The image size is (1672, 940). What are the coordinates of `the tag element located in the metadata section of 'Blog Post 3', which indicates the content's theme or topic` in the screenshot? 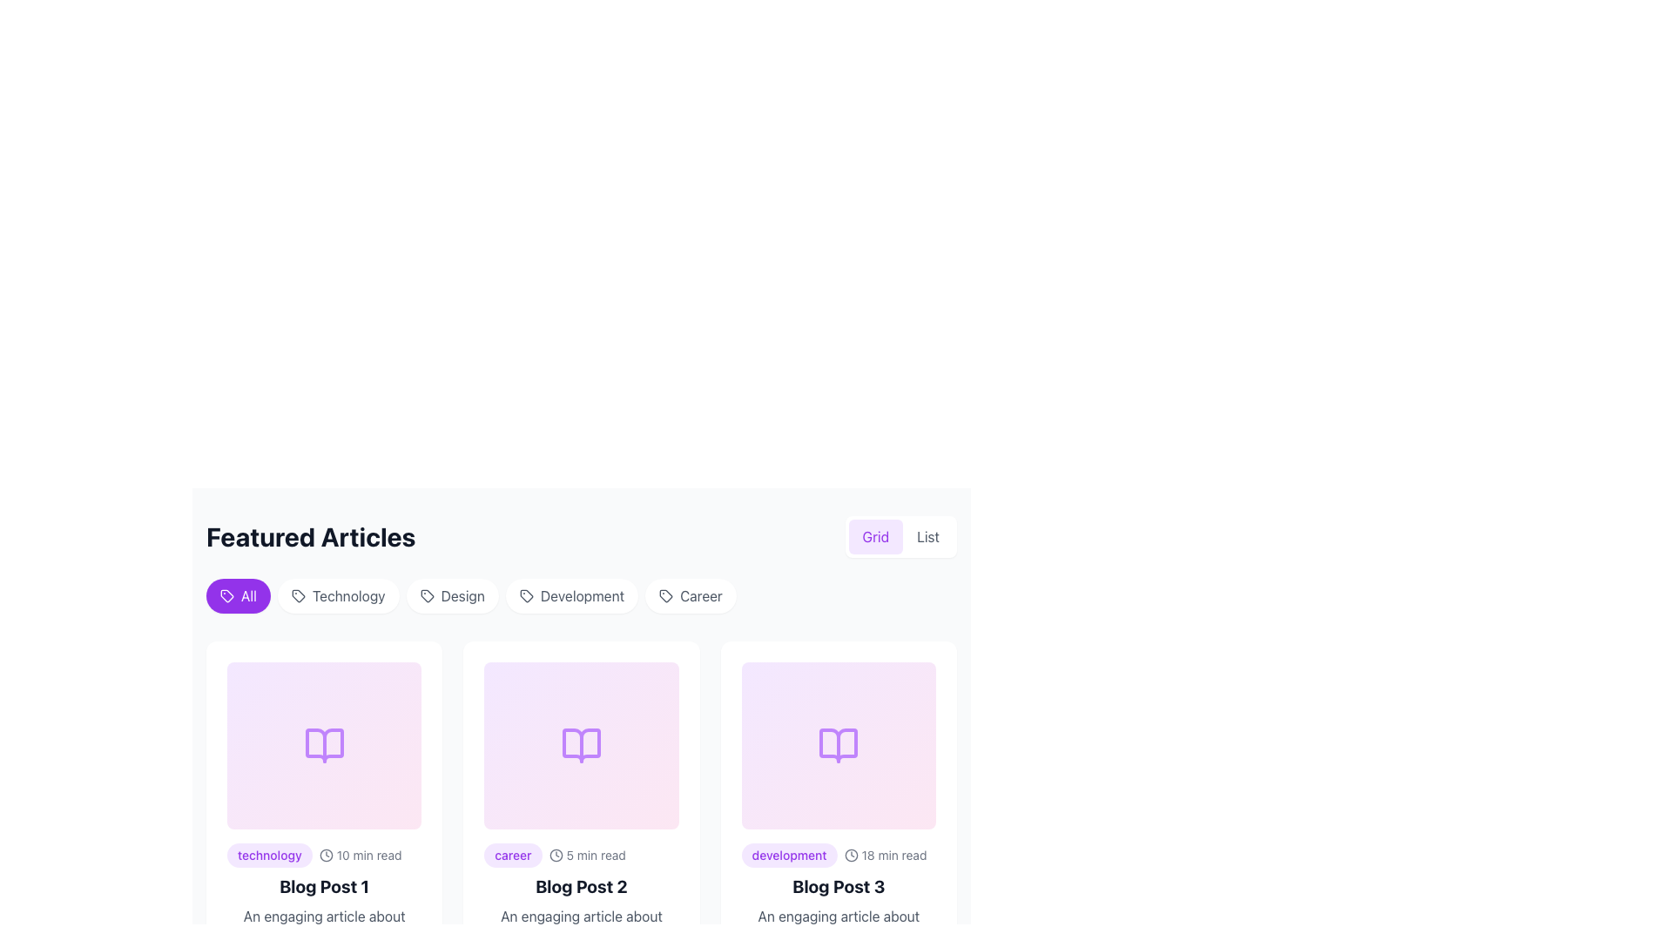 It's located at (788, 855).